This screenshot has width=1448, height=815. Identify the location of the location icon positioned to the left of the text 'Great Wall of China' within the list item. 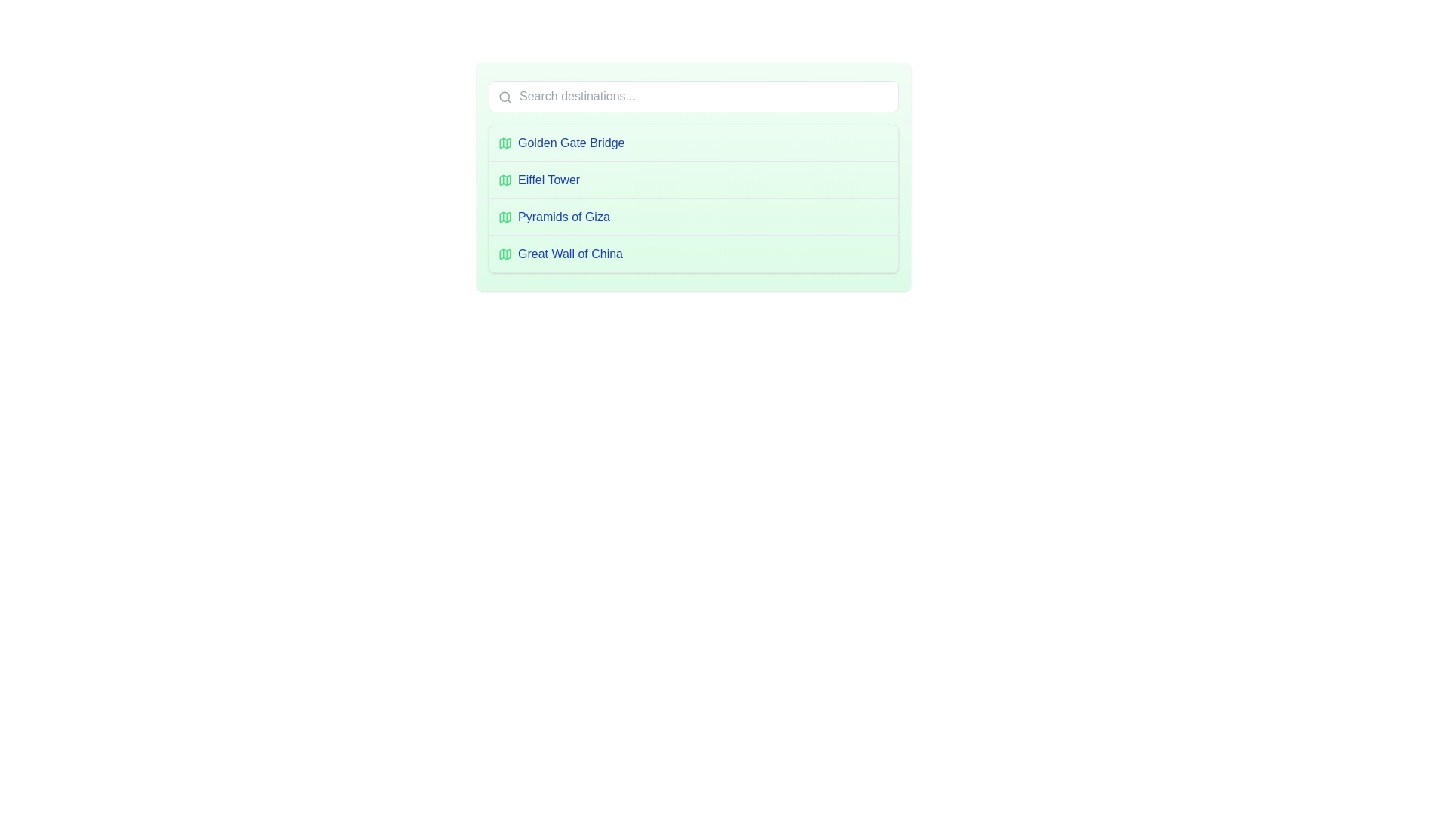
(505, 253).